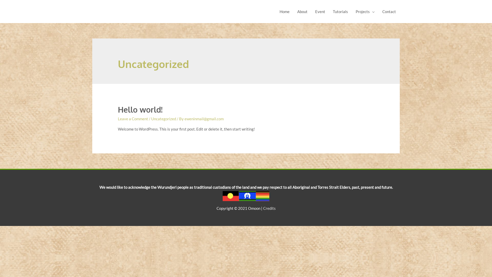  What do you see at coordinates (204, 118) in the screenshot?
I see `'eweninmail@gmail.com'` at bounding box center [204, 118].